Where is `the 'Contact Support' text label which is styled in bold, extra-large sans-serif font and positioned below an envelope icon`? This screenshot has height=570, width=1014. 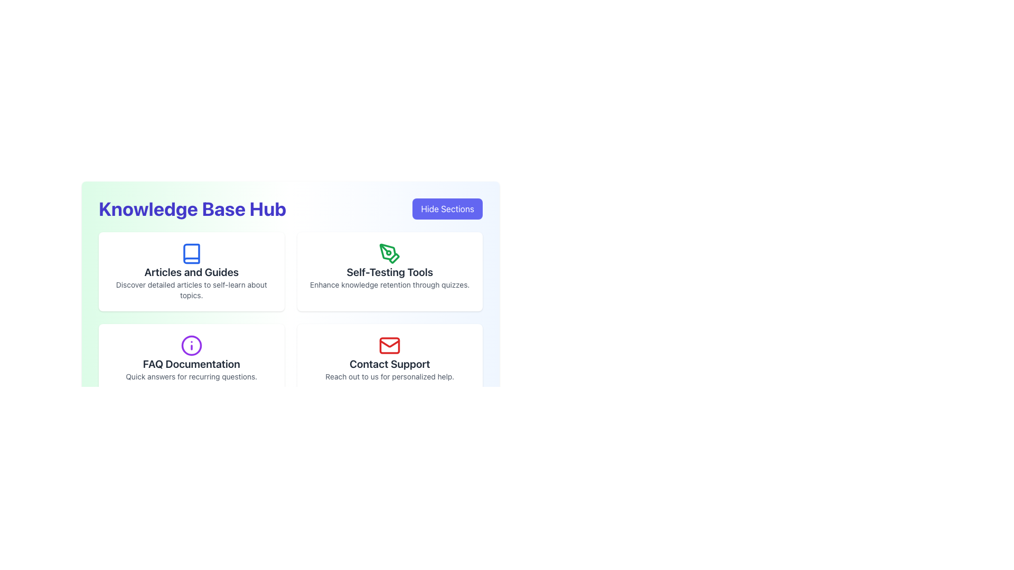 the 'Contact Support' text label which is styled in bold, extra-large sans-serif font and positioned below an envelope icon is located at coordinates (389, 364).